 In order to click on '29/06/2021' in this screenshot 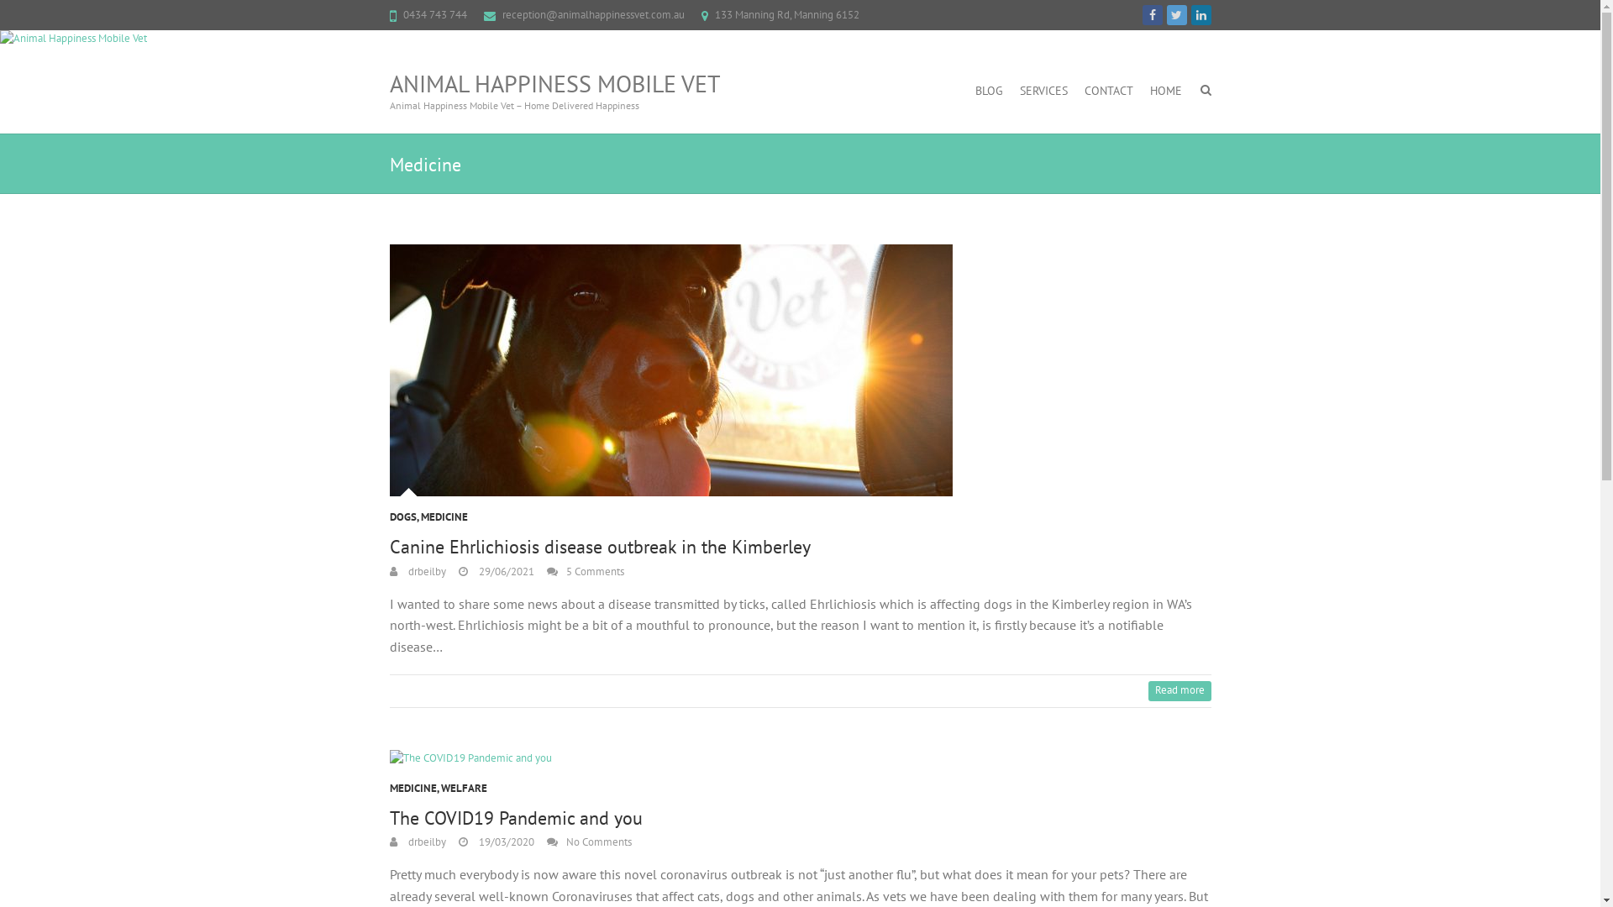, I will do `click(495, 570)`.